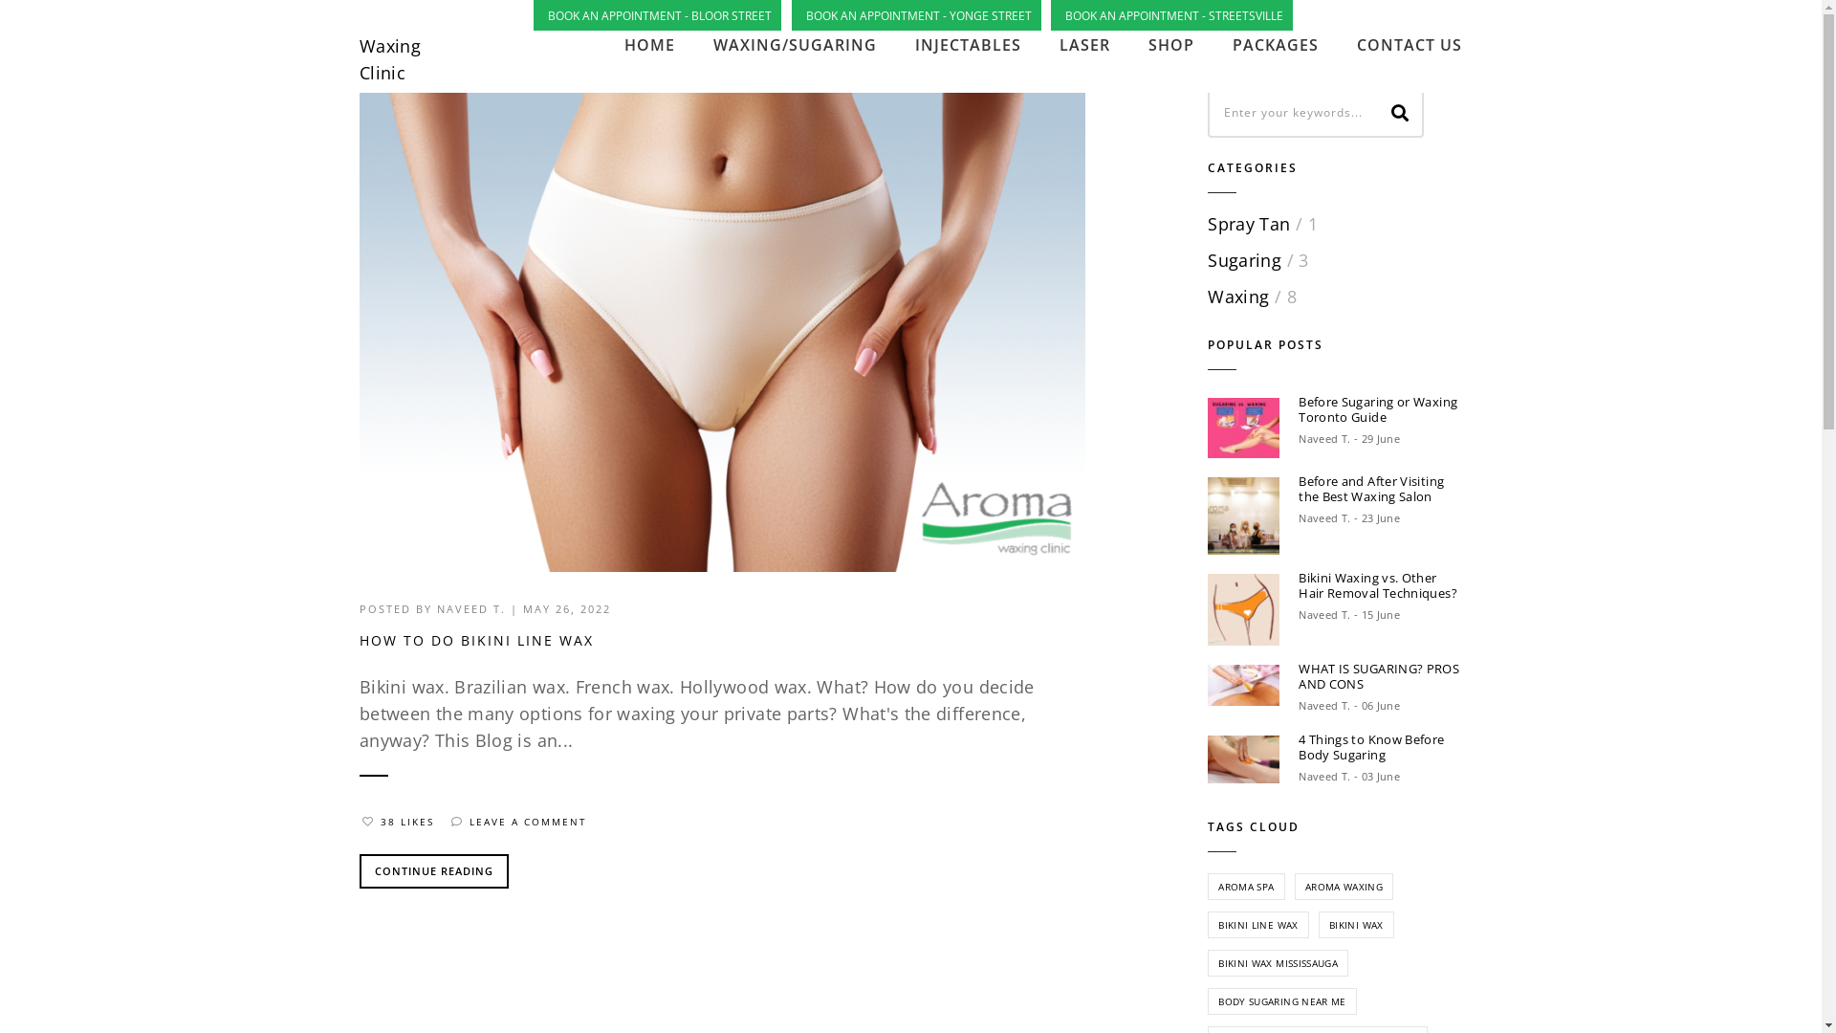  Describe the element at coordinates (1055, 15) in the screenshot. I see `'BOOK AN APPOINTMENT STREETSVILLE'` at that location.